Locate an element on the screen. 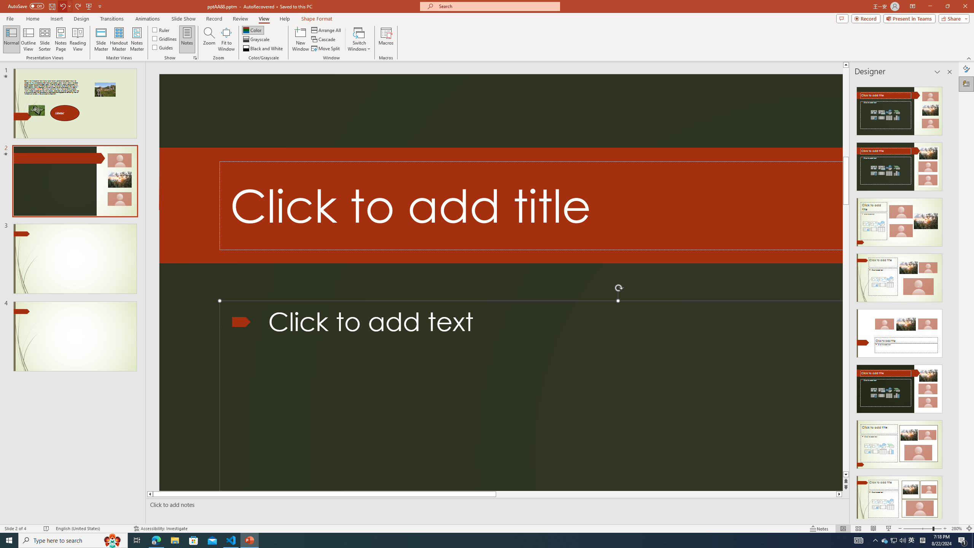 This screenshot has width=974, height=548. 'Arrange All' is located at coordinates (326, 30).